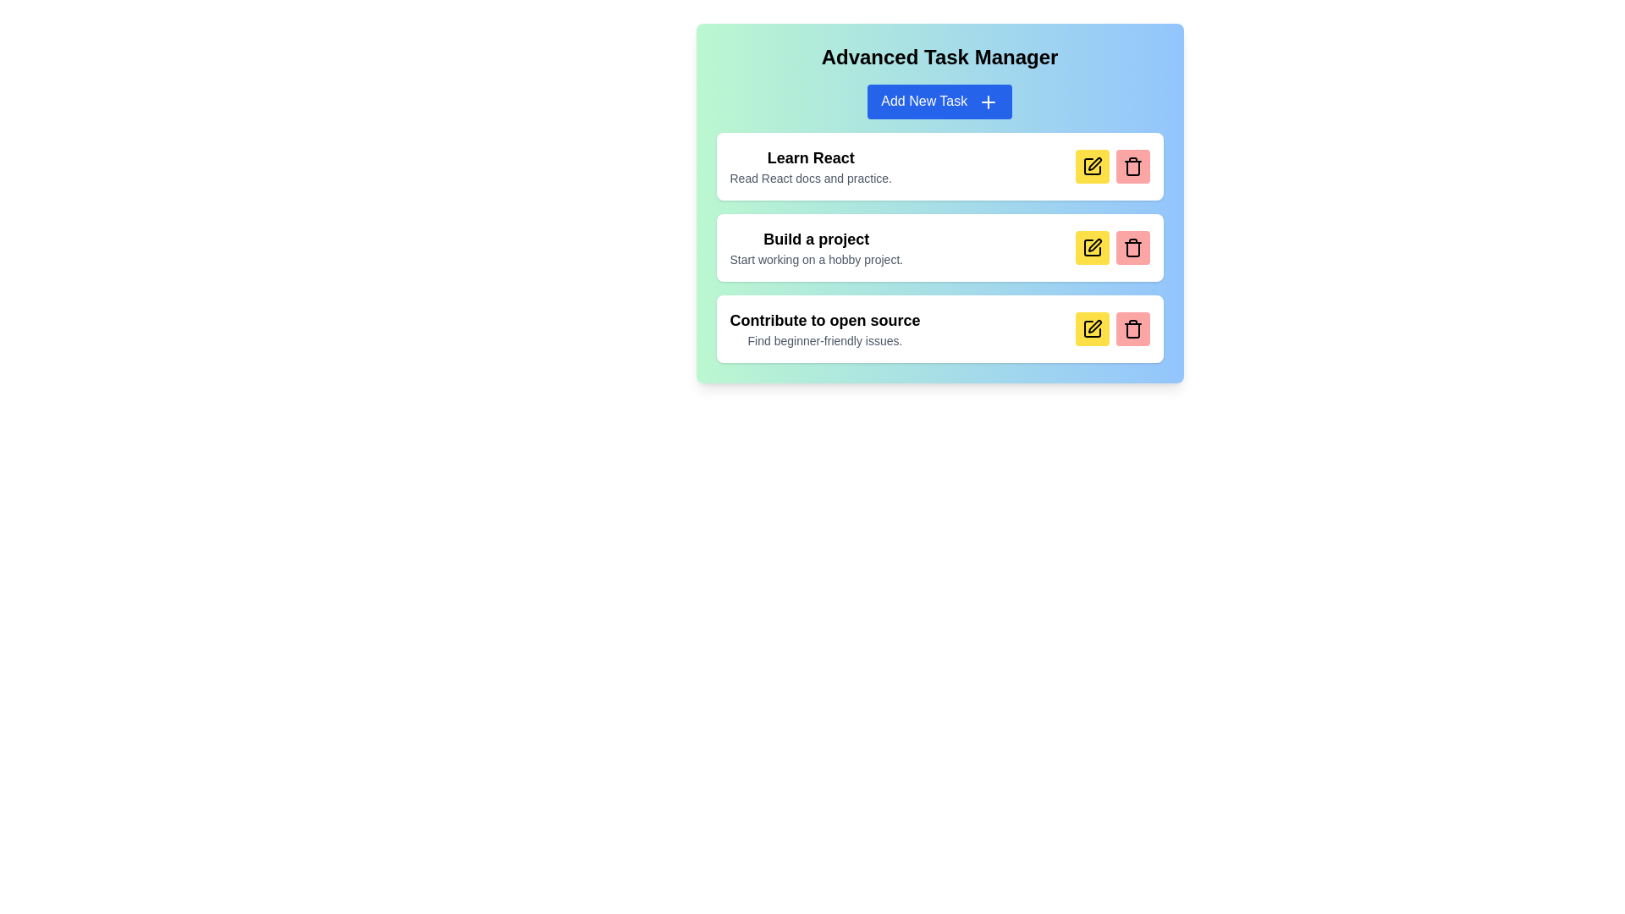 Image resolution: width=1625 pixels, height=914 pixels. Describe the element at coordinates (939, 57) in the screenshot. I see `the header of the component` at that location.